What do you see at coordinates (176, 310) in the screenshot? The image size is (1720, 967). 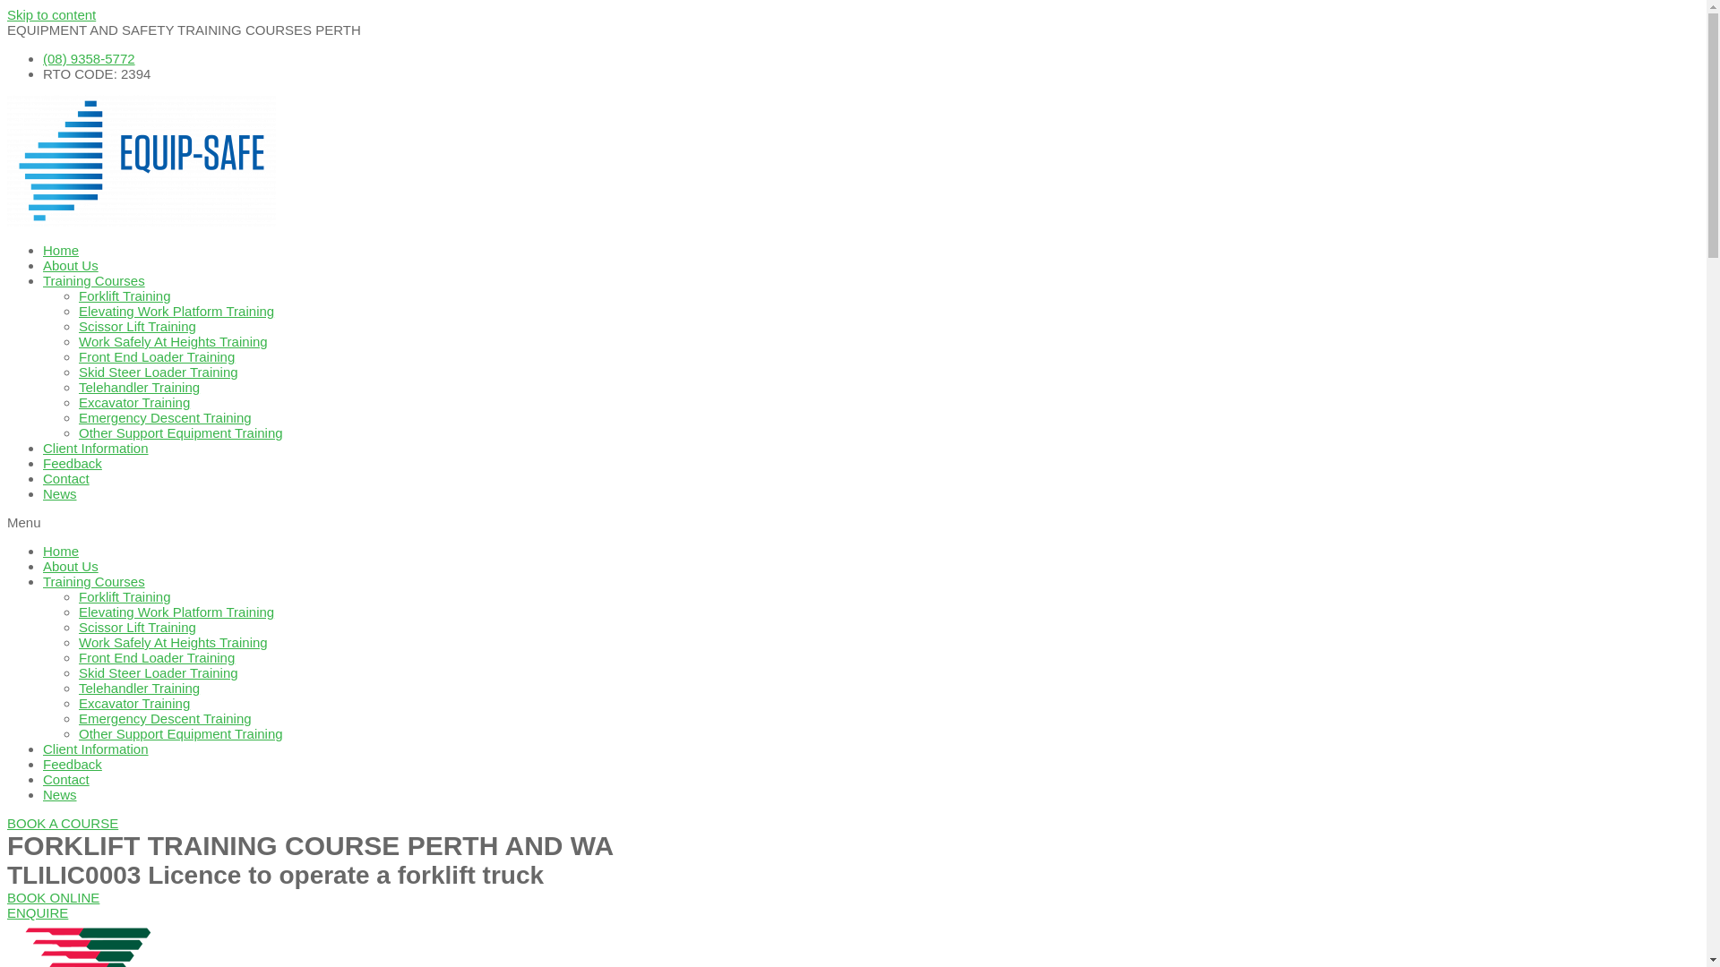 I see `'Elevating Work Platform Training'` at bounding box center [176, 310].